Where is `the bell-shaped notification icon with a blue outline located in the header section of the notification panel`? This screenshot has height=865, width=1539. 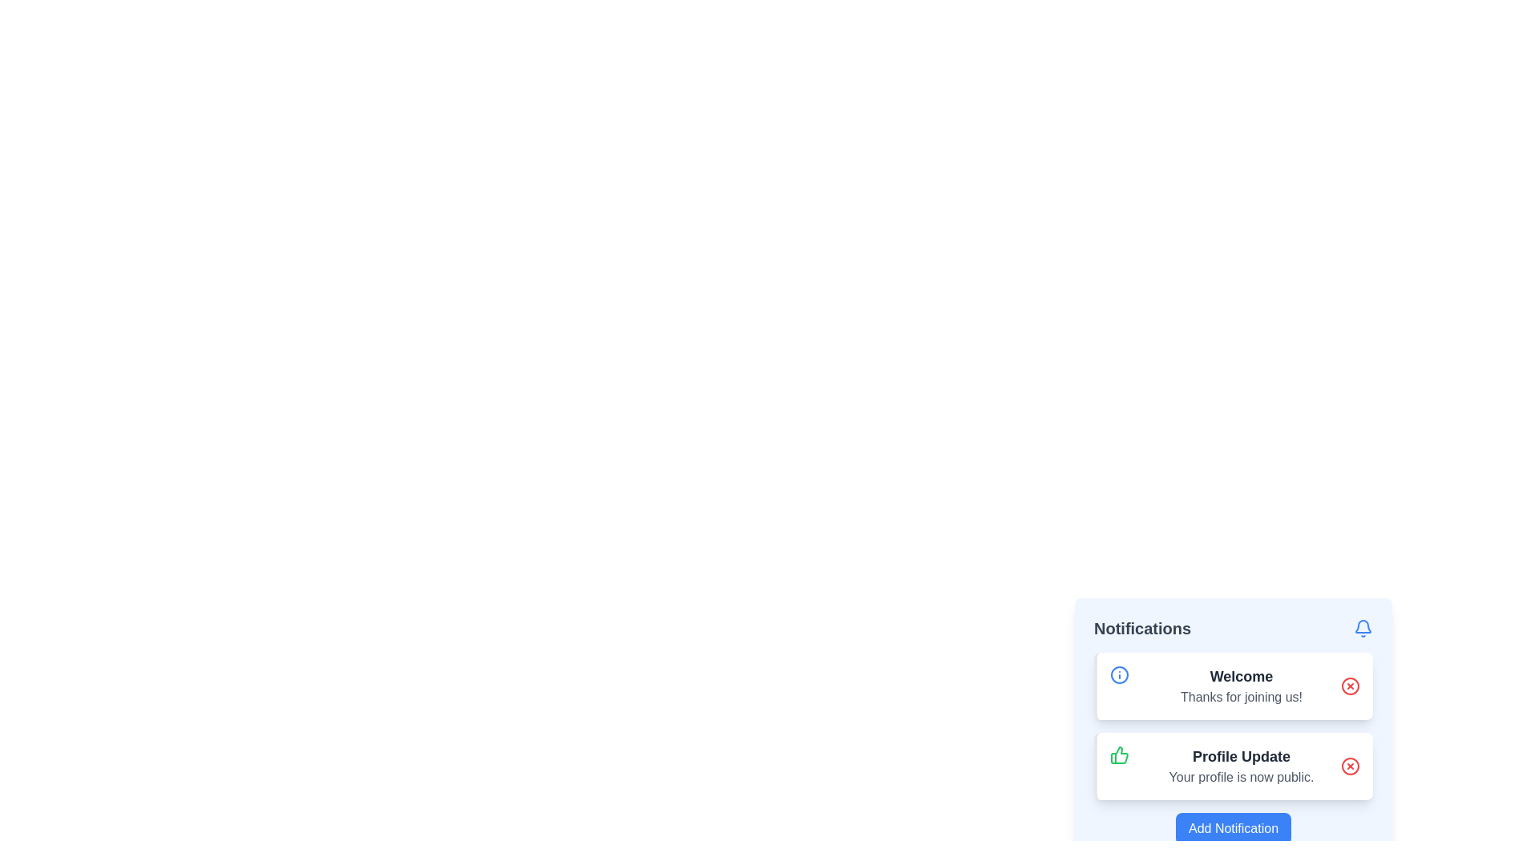 the bell-shaped notification icon with a blue outline located in the header section of the notification panel is located at coordinates (1362, 628).